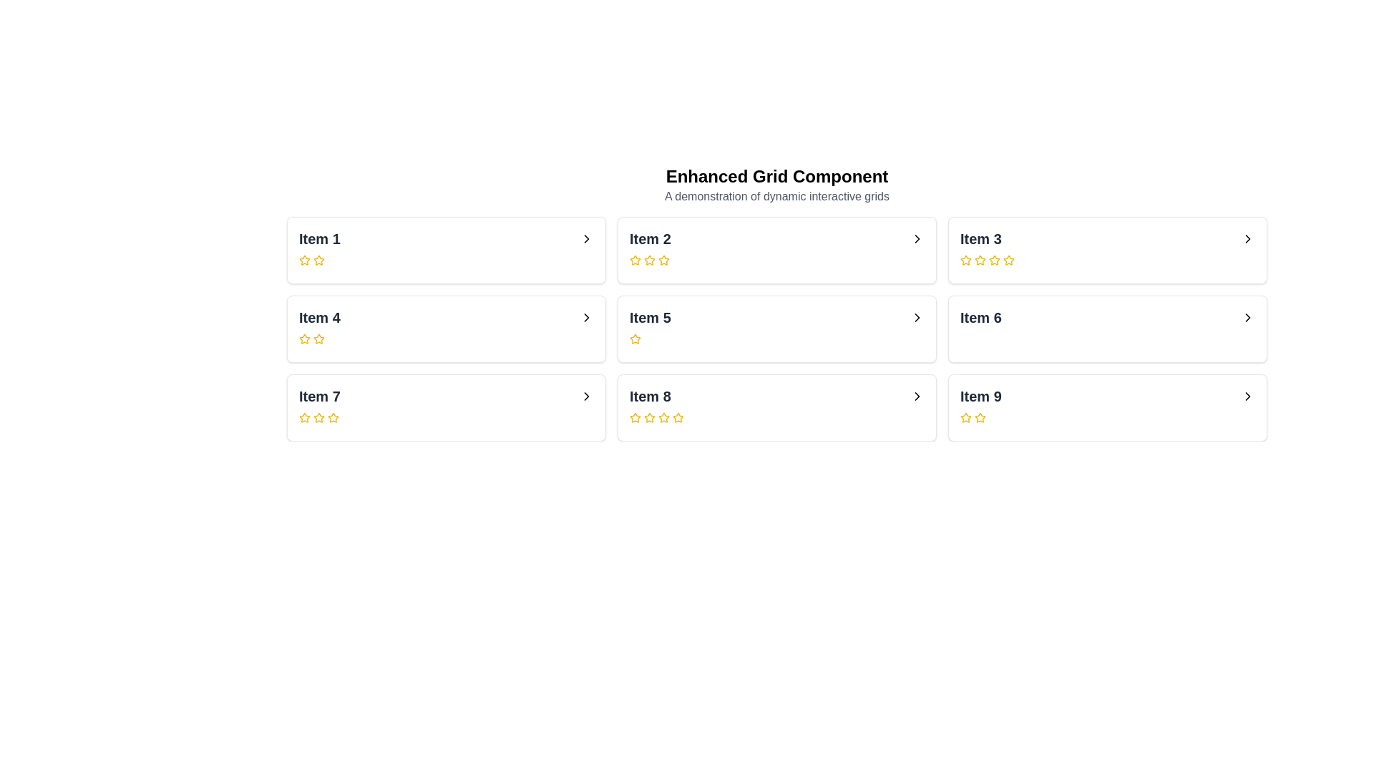 This screenshot has width=1374, height=773. I want to click on the icon associated with 'Item 3', so click(1247, 238).